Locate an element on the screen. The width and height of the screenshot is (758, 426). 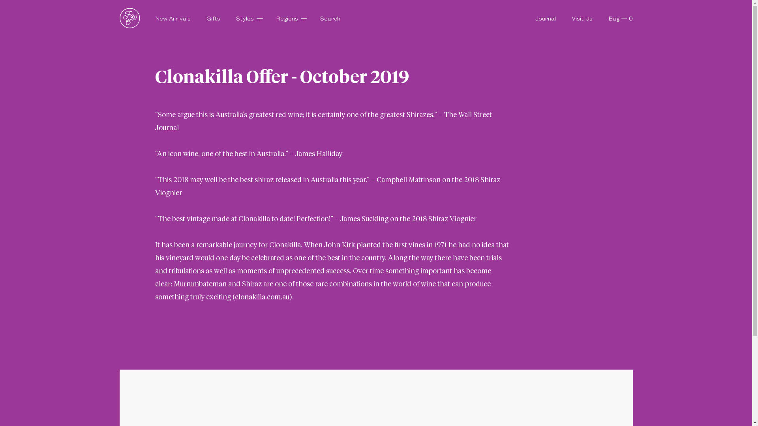
'Gifts' is located at coordinates (213, 18).